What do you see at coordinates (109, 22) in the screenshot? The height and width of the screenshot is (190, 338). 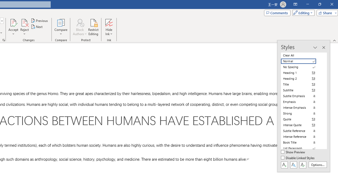 I see `'Hide Ink'` at bounding box center [109, 22].